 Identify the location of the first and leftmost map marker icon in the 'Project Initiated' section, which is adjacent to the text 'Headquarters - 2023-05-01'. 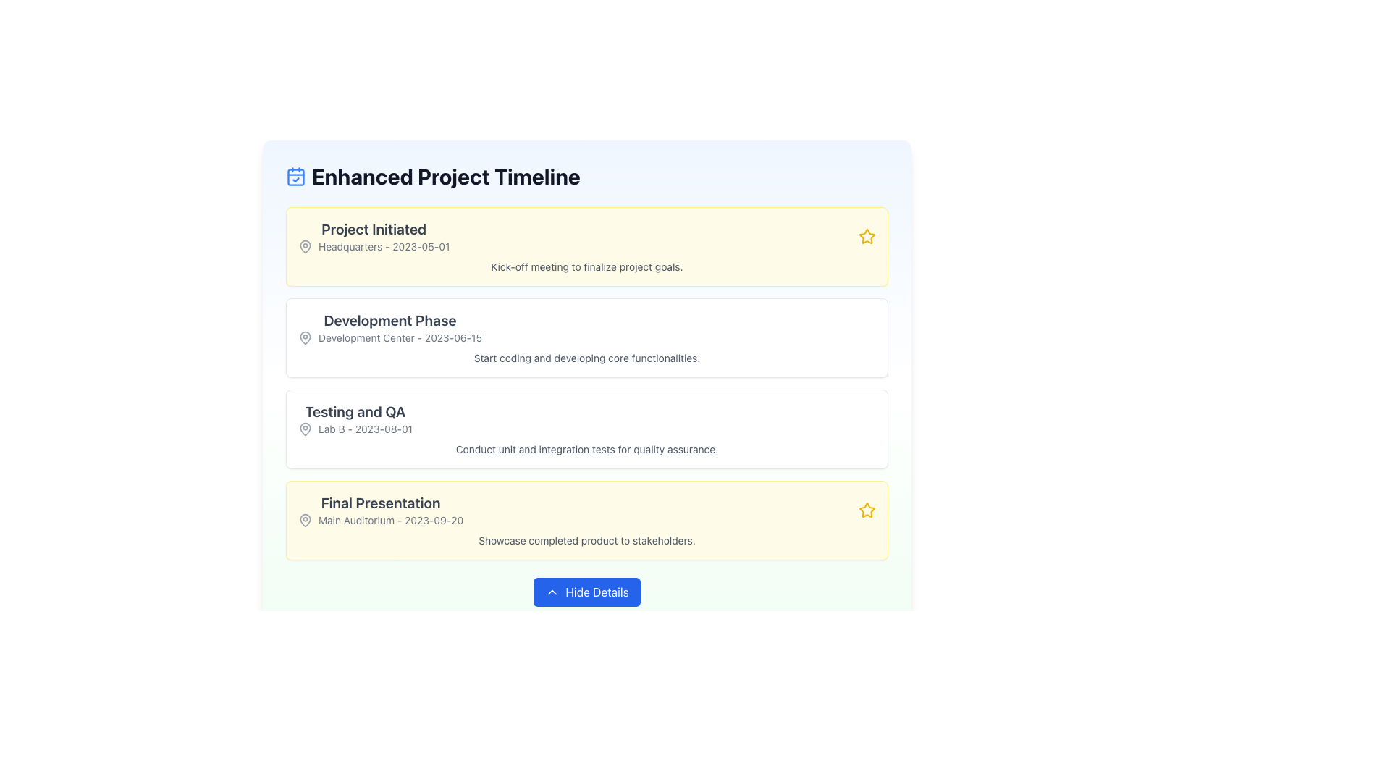
(305, 245).